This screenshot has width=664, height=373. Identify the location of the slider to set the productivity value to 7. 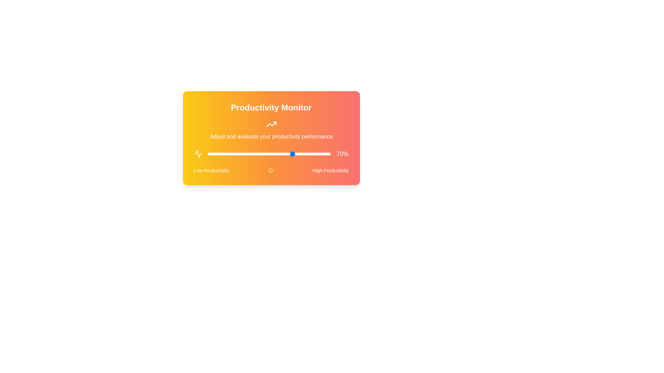
(216, 154).